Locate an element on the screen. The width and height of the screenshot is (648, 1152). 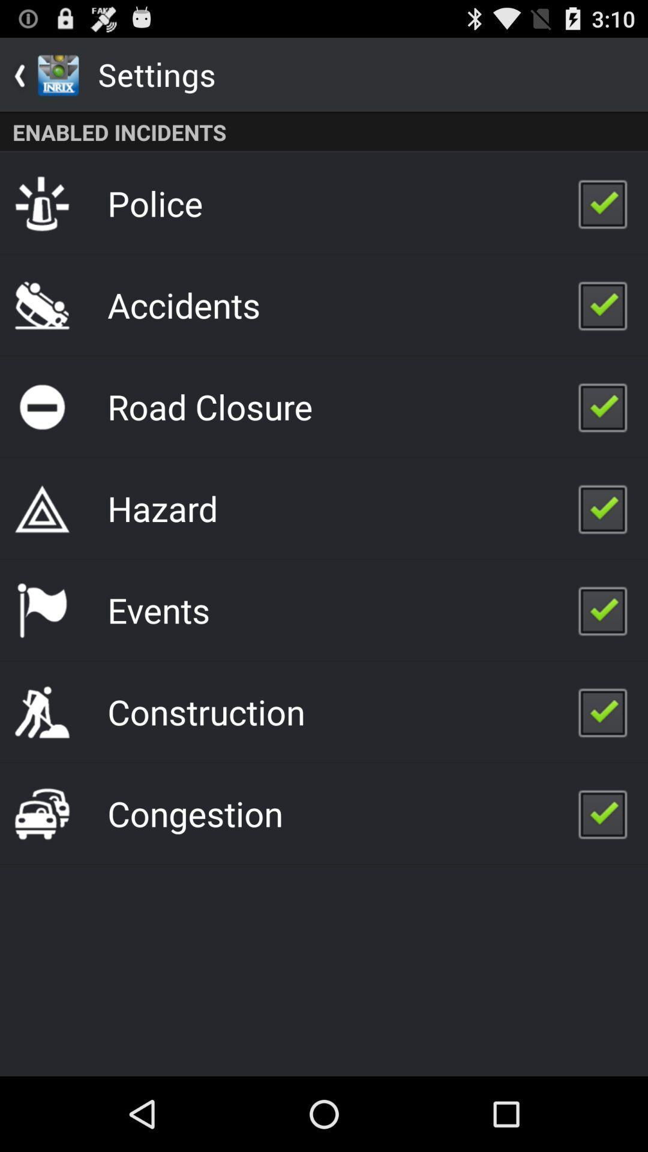
the road closure item is located at coordinates (209, 406).